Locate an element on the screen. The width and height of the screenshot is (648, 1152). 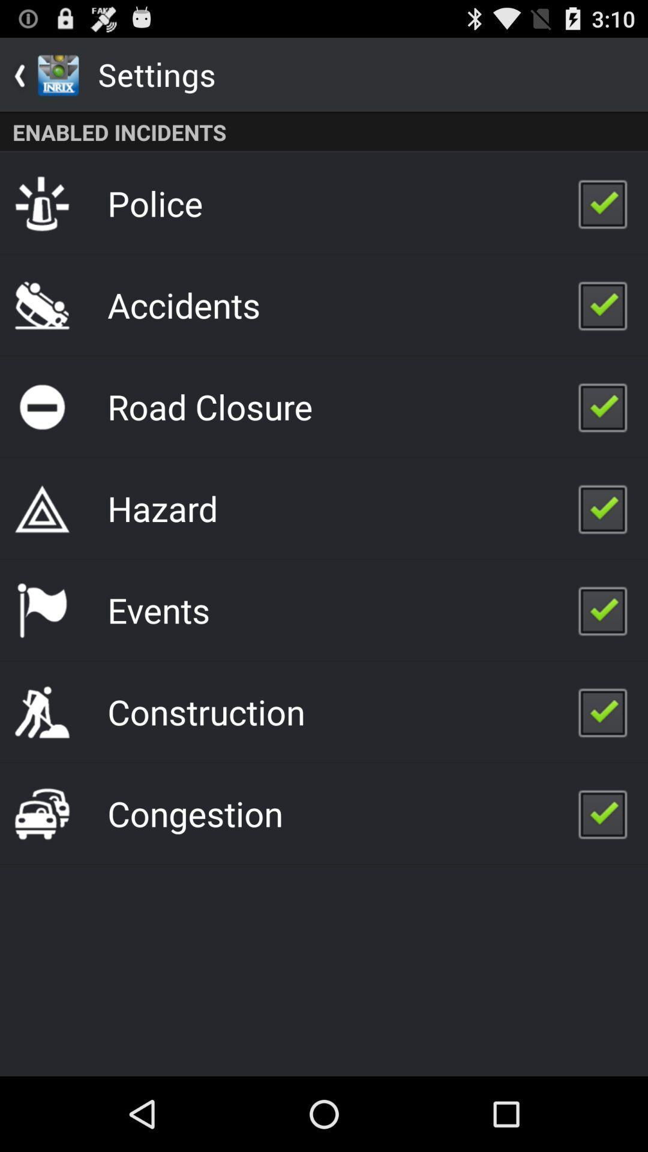
the road closure item is located at coordinates (209, 406).